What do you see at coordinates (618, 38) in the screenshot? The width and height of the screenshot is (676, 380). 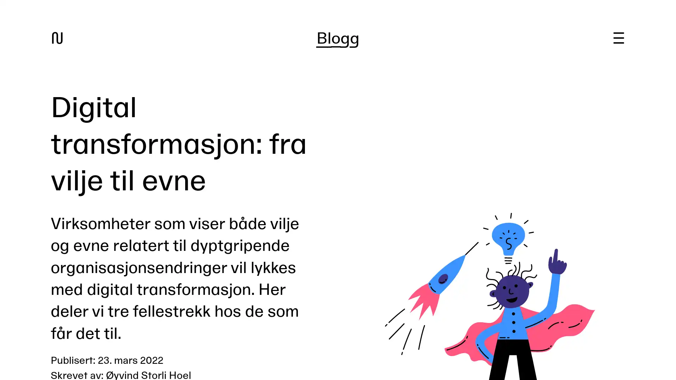 I see `Meny` at bounding box center [618, 38].